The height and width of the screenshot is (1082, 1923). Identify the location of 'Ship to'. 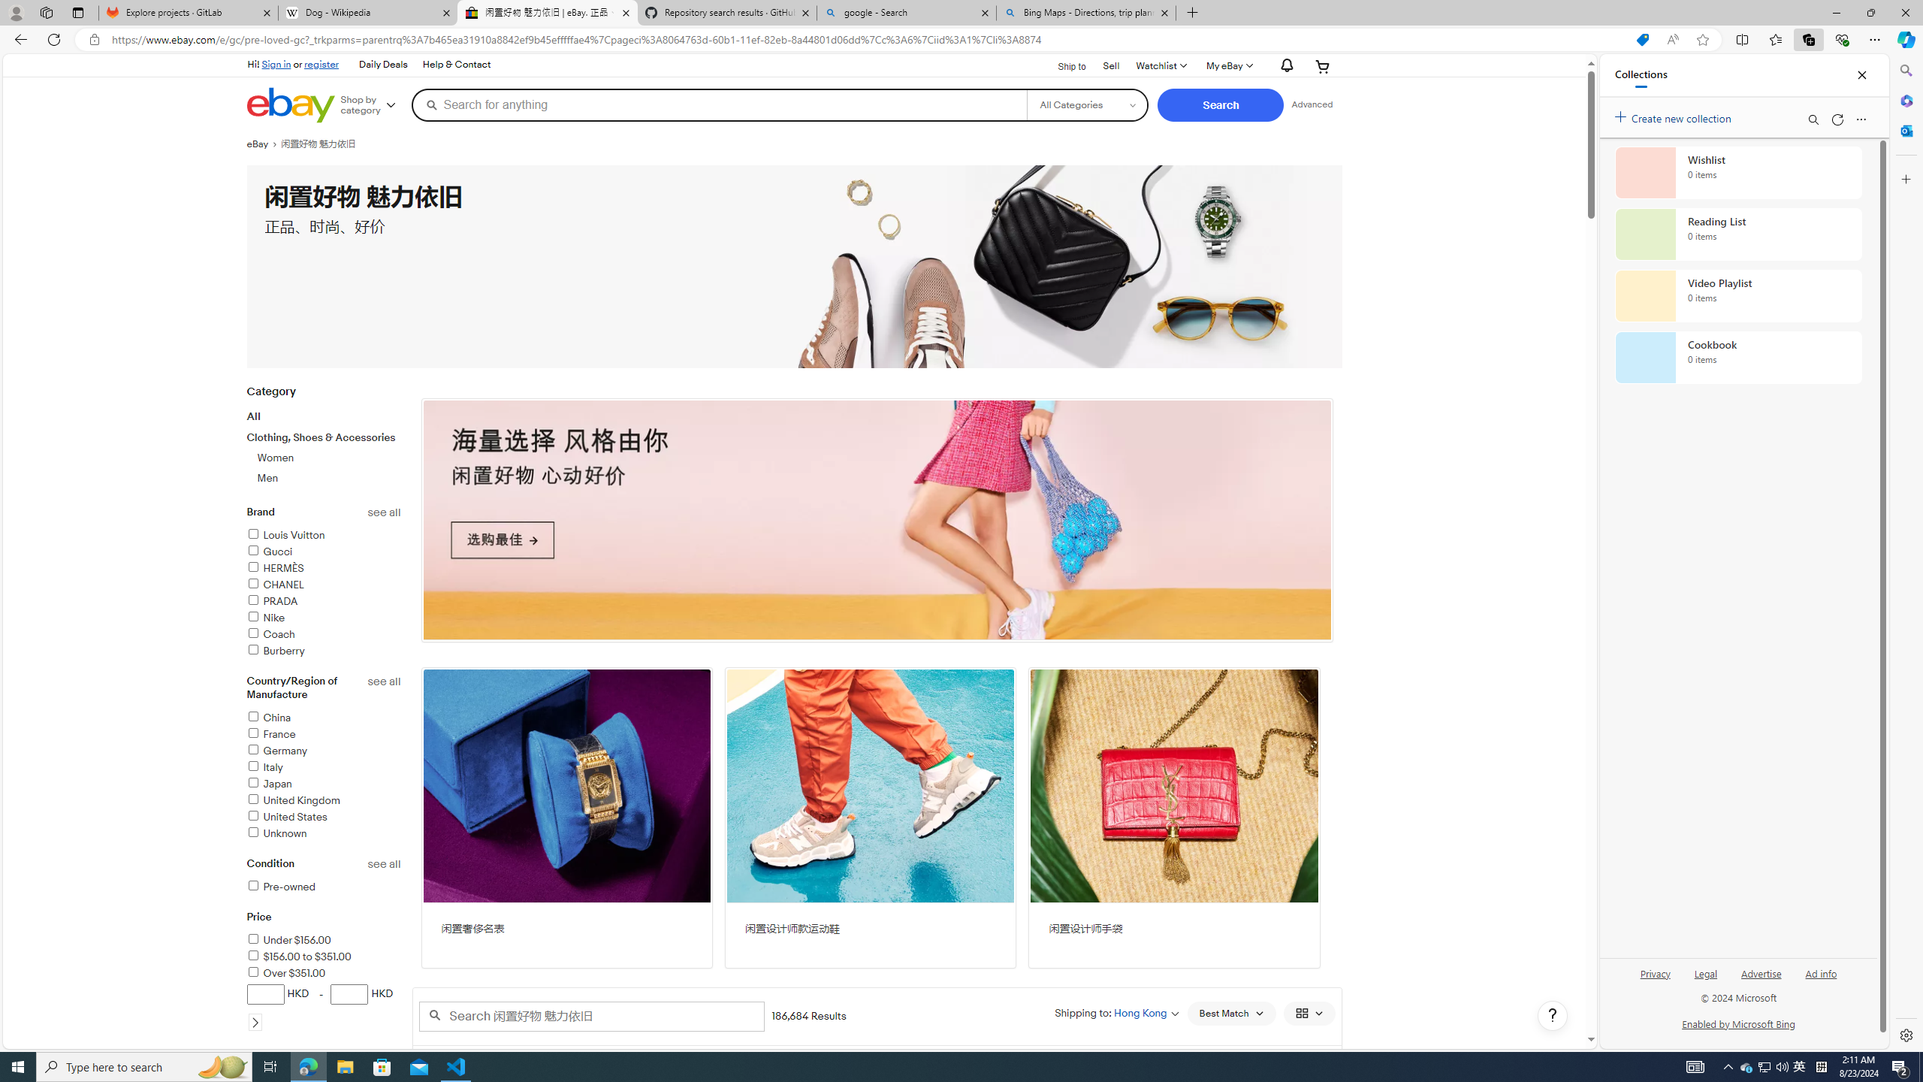
(1062, 65).